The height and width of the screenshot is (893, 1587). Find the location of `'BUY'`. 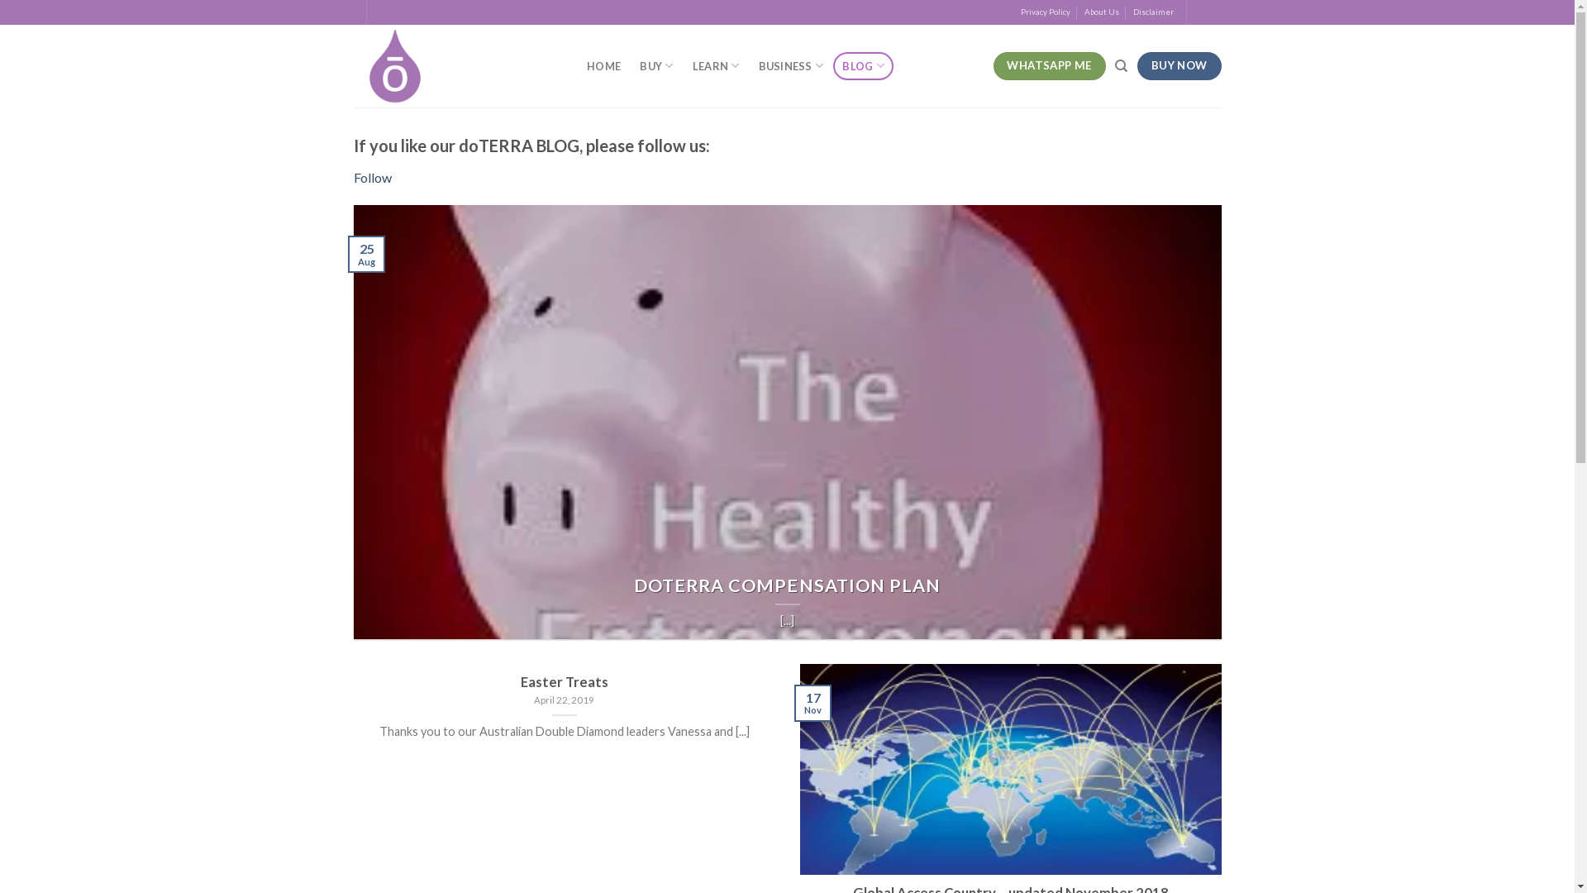

'BUY' is located at coordinates (630, 65).